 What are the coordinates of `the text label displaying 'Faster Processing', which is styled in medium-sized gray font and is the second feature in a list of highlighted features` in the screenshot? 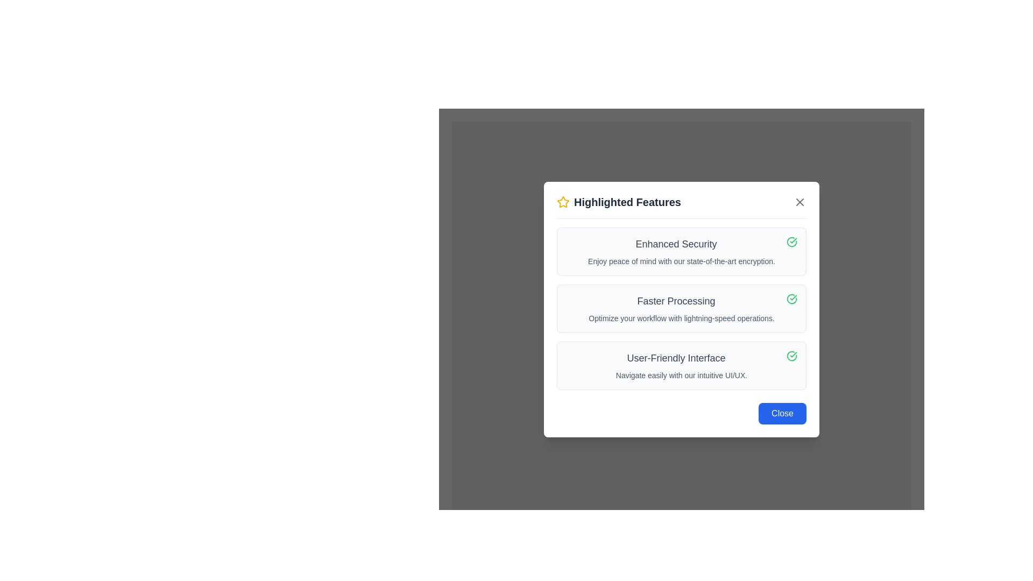 It's located at (681, 301).